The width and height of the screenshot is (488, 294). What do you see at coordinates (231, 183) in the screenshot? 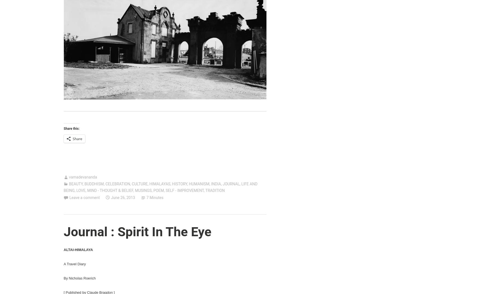
I see `'JOURNAL'` at bounding box center [231, 183].